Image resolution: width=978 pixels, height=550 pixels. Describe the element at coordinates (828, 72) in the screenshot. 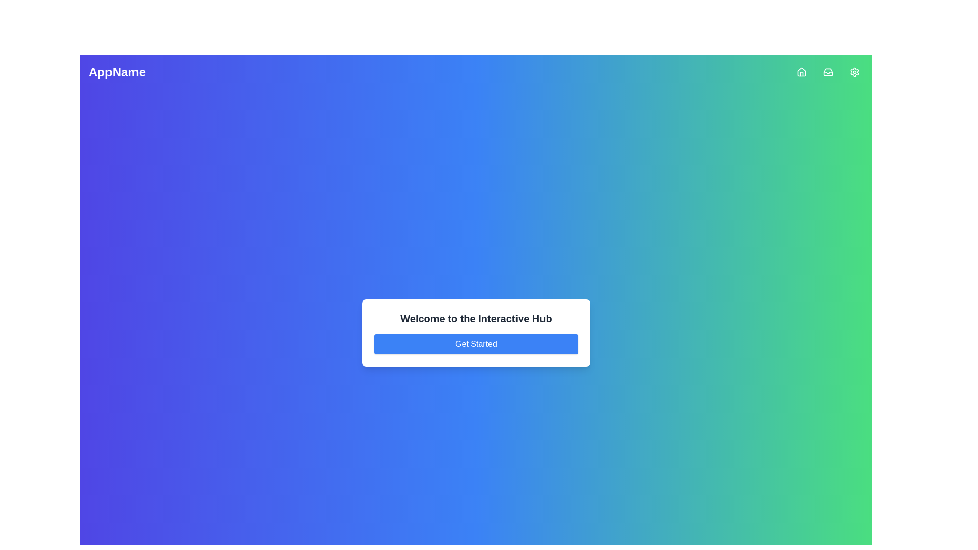

I see `the inbox tray icon located in the top-right corner of the interface` at that location.